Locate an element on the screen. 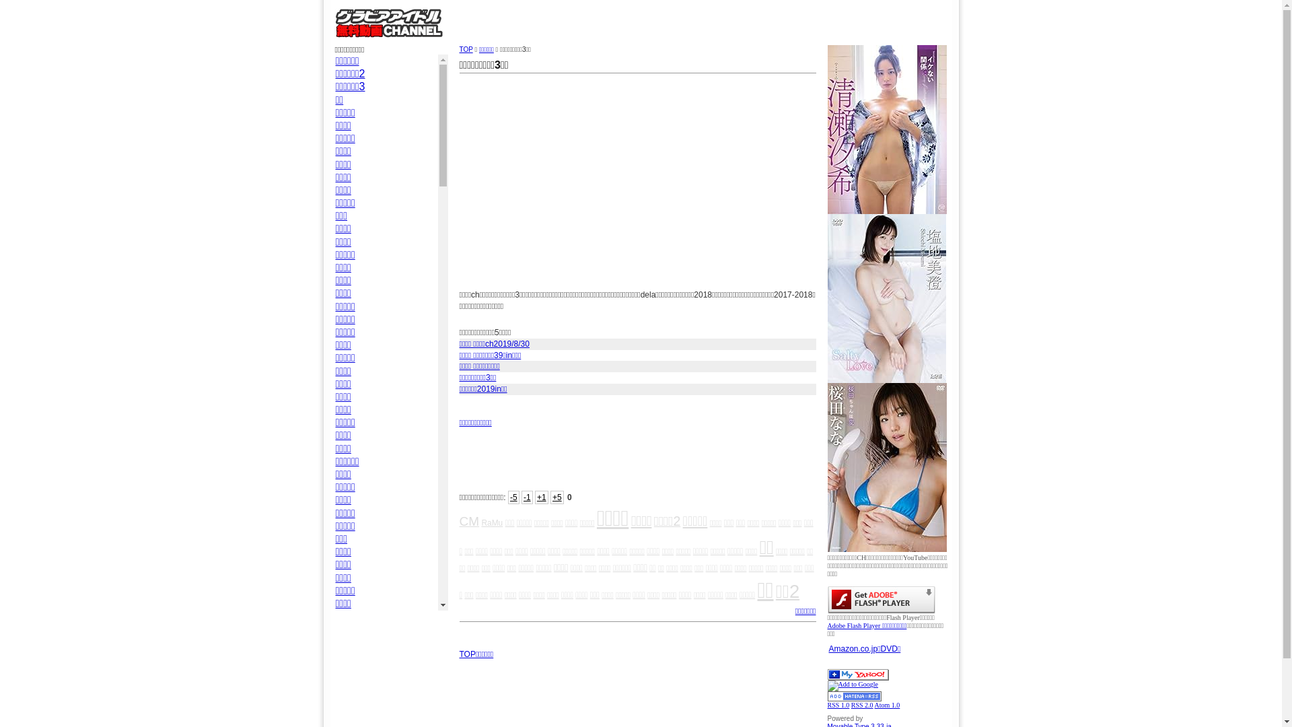 Image resolution: width=1292 pixels, height=727 pixels. '+1' is located at coordinates (542, 497).